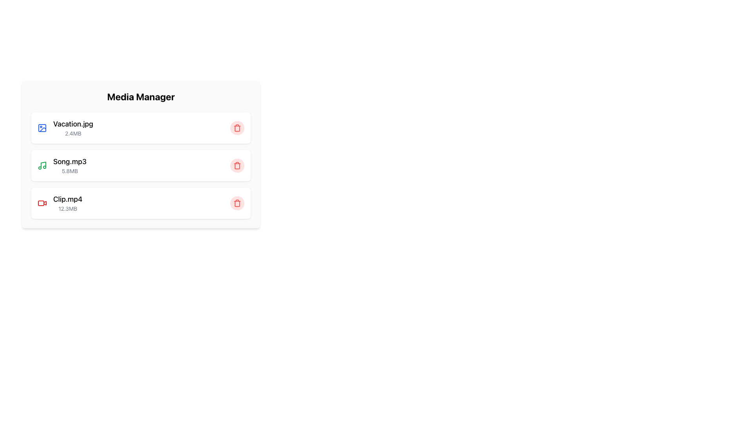  I want to click on the video file item in the Media Manager interface, so click(60, 203).